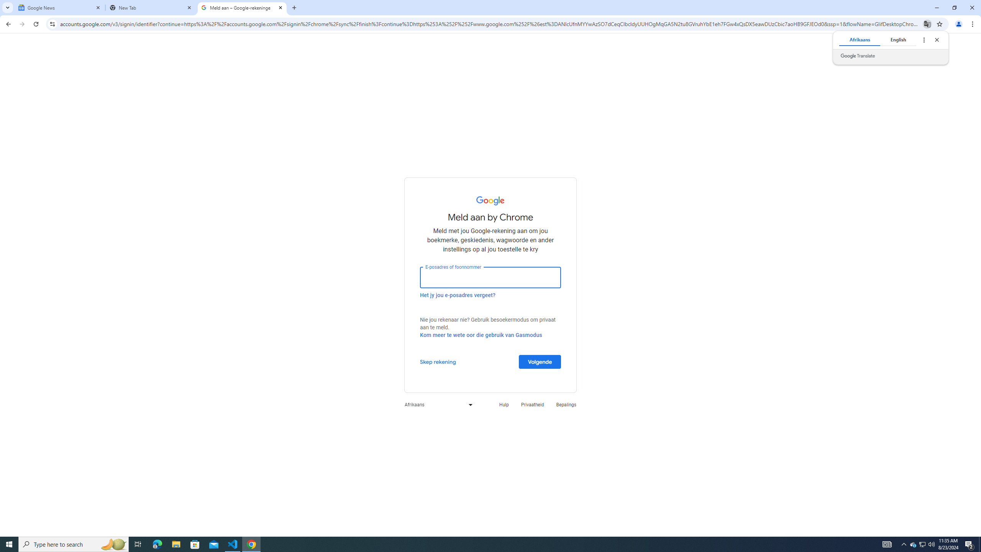 Image resolution: width=981 pixels, height=552 pixels. Describe the element at coordinates (151, 7) in the screenshot. I see `'New Tab'` at that location.